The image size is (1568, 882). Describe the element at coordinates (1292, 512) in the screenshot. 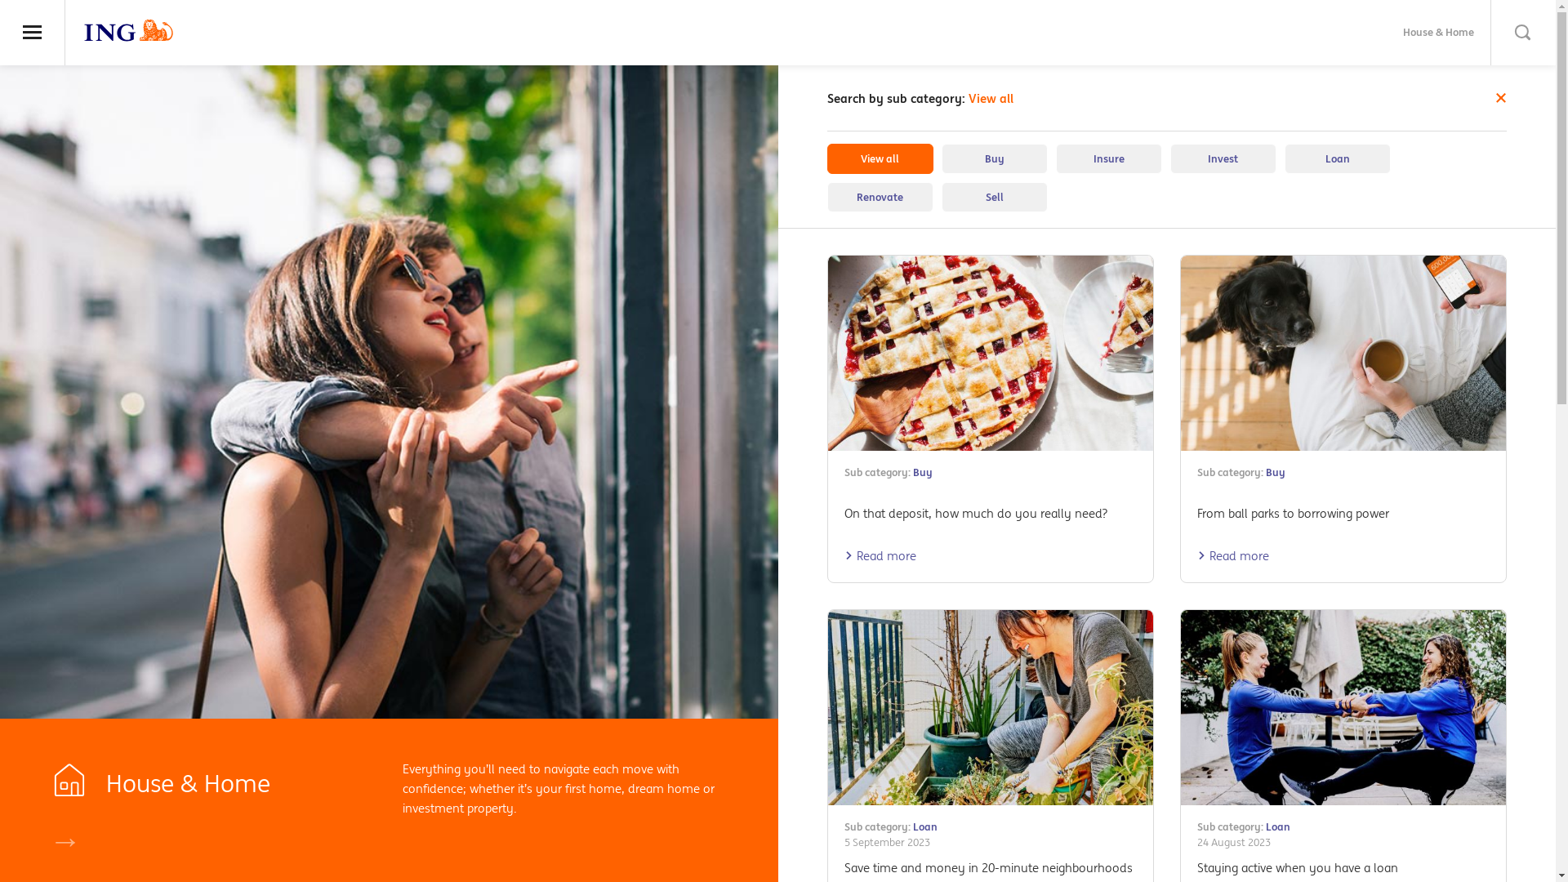

I see `'From ball parks to borrowing power'` at that location.